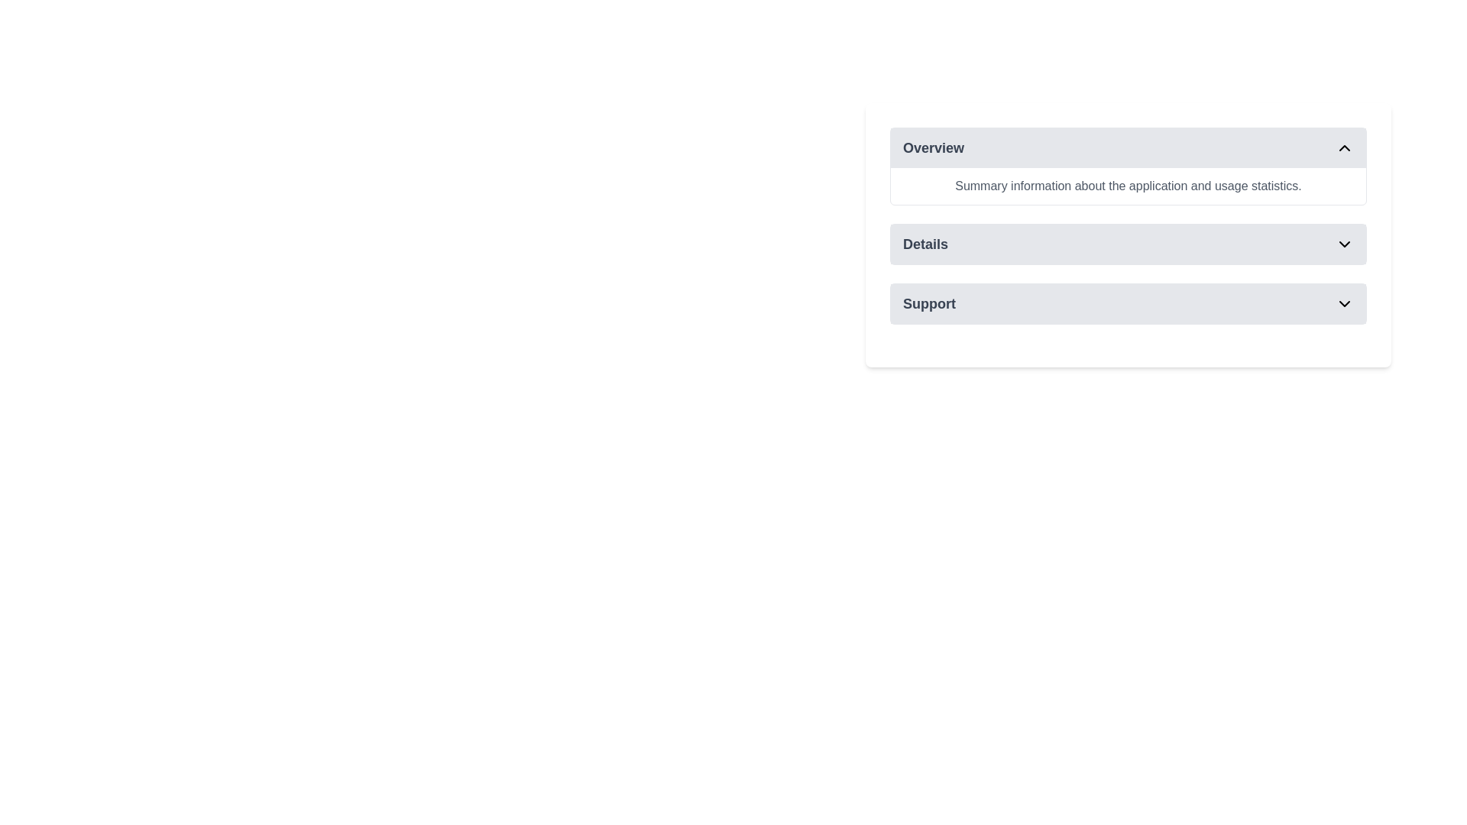 Image resolution: width=1467 pixels, height=825 pixels. Describe the element at coordinates (1345, 147) in the screenshot. I see `the small chevron-up icon styled as an arrowhead pointing upwards, located in the top-right corner of the 'Overview' section header` at that location.